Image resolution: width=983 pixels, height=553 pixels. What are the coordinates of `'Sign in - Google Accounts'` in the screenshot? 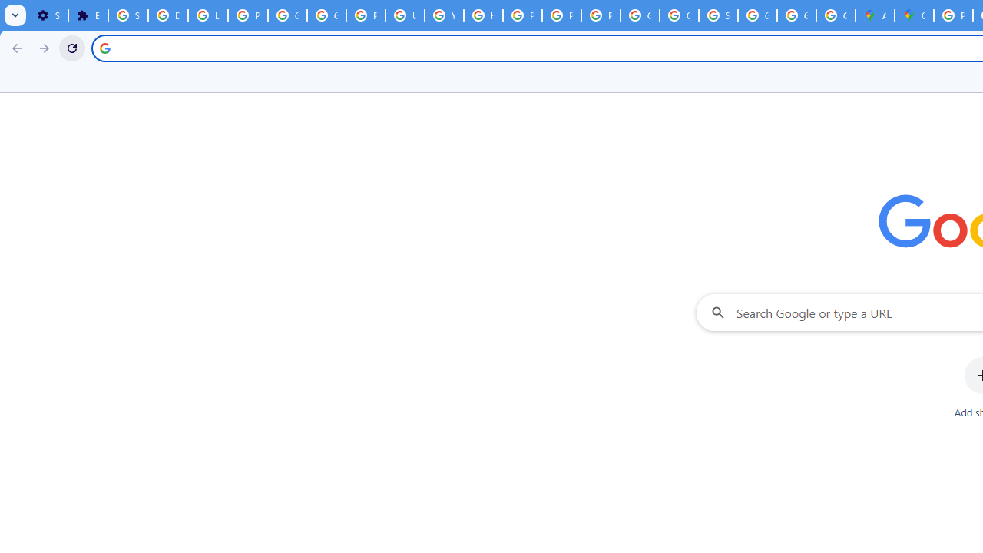 It's located at (128, 15).